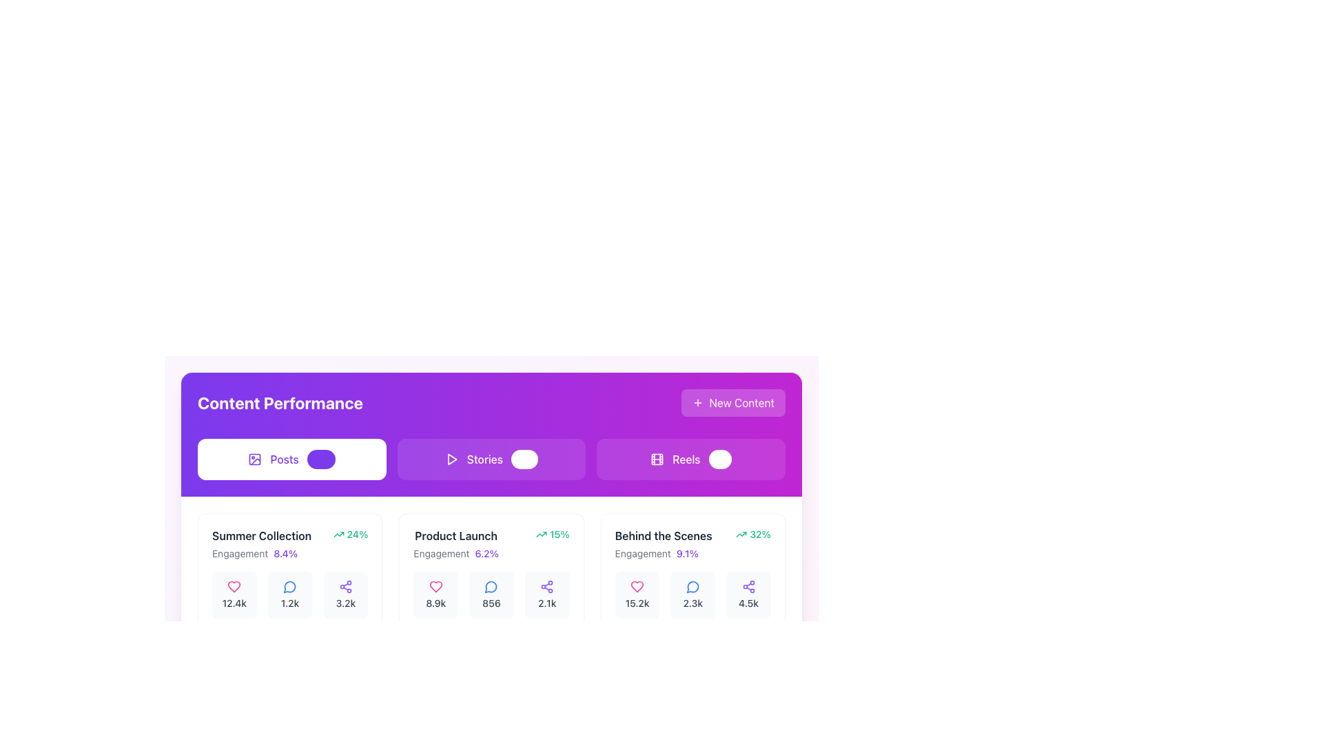 The image size is (1323, 744). I want to click on the main title text display for the 'Product Launch' campaign, which is positioned at the top of its card layout, clearly identifying the campaign, so click(456, 535).